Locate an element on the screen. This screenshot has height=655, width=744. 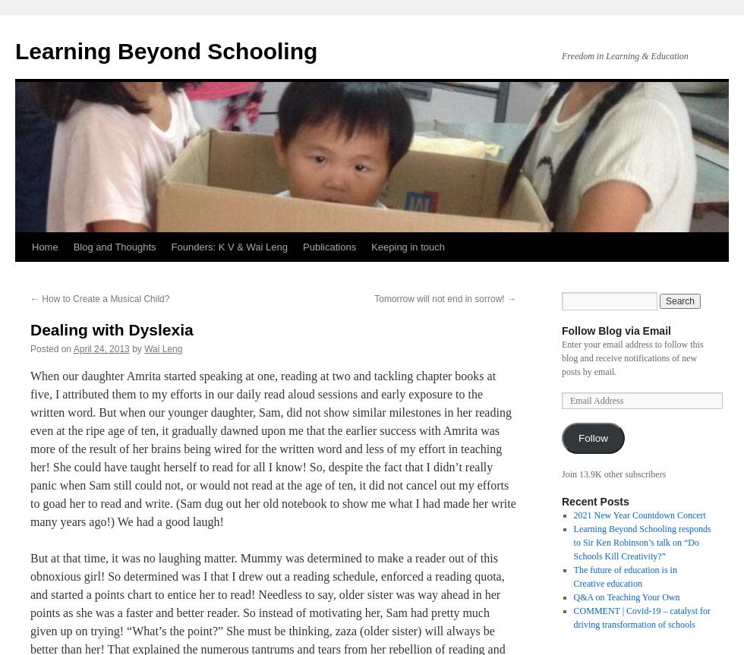
'Wai Leng' is located at coordinates (163, 348).